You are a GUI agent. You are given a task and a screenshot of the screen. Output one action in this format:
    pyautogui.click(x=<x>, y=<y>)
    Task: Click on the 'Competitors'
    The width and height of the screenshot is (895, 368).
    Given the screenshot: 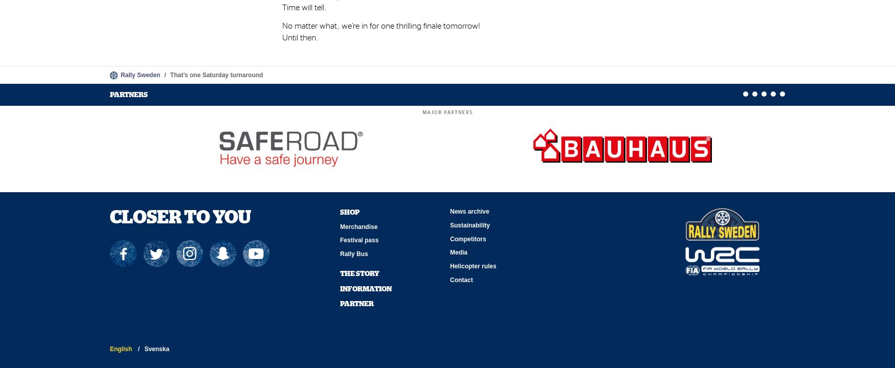 What is the action you would take?
    pyautogui.click(x=467, y=238)
    